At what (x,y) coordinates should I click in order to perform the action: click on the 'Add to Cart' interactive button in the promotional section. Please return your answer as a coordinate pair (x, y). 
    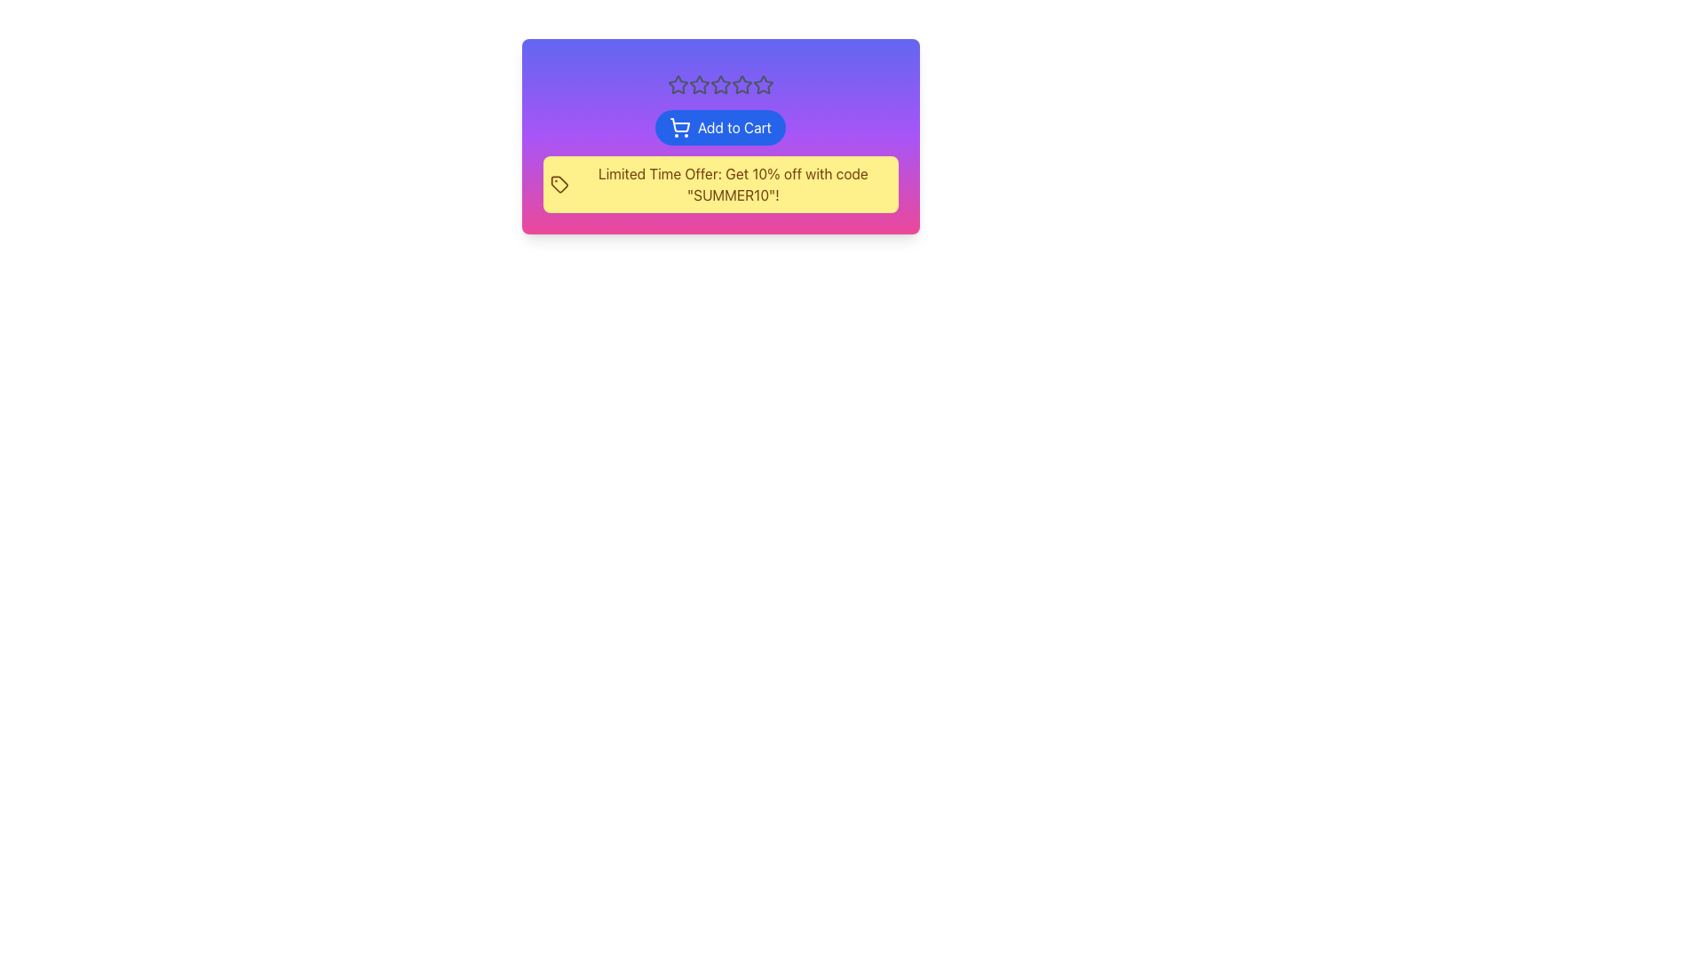
    Looking at the image, I should click on (720, 136).